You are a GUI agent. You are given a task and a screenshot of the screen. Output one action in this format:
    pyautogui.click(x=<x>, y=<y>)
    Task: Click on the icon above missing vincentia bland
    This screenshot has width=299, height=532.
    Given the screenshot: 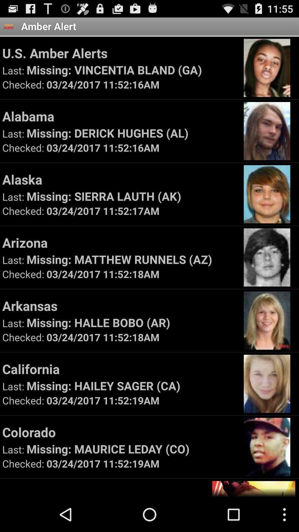 What is the action you would take?
    pyautogui.click(x=120, y=53)
    